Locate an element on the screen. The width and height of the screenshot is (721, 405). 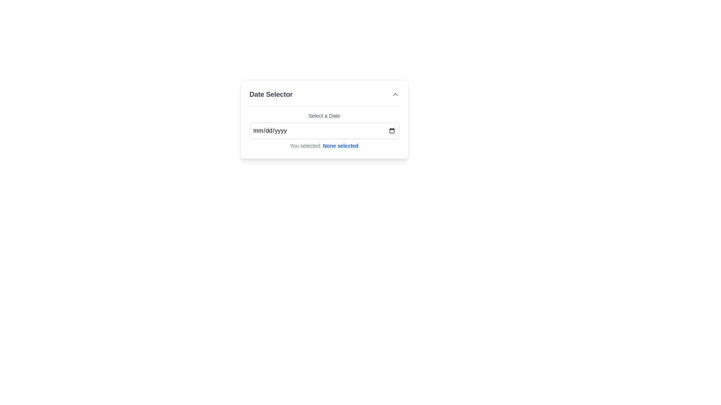
the upward-pointing chevron icon located at the top-right corner of the 'Date Selector' title section is located at coordinates (395, 94).